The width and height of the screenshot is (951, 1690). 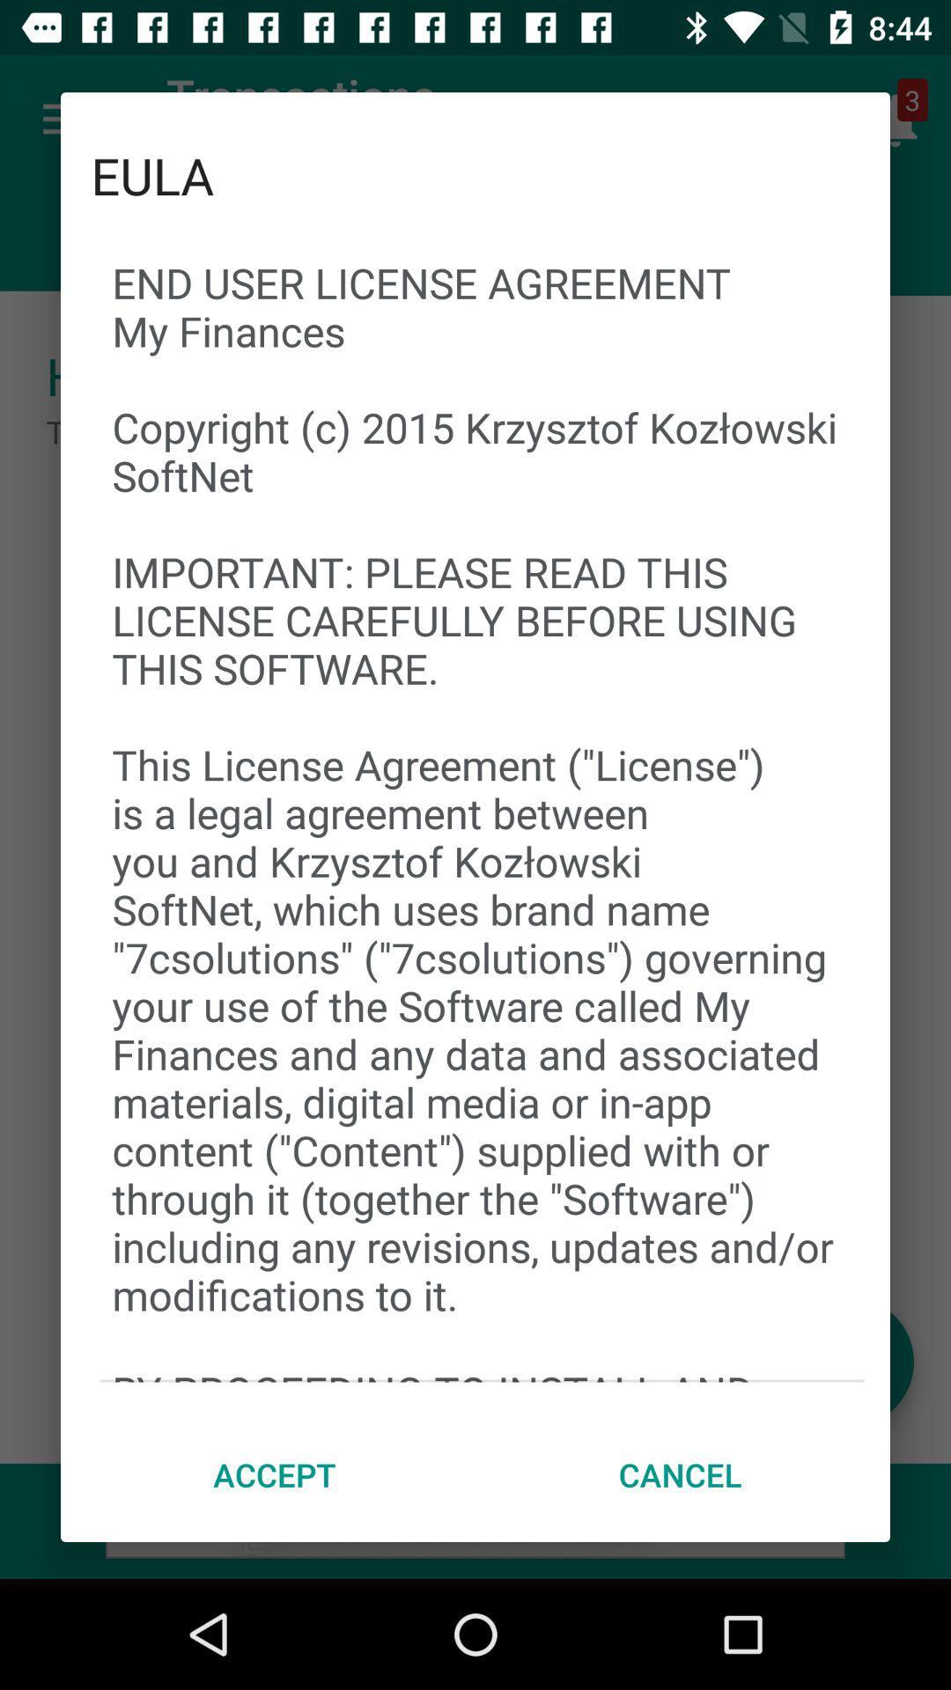 I want to click on item below end user license item, so click(x=275, y=1474).